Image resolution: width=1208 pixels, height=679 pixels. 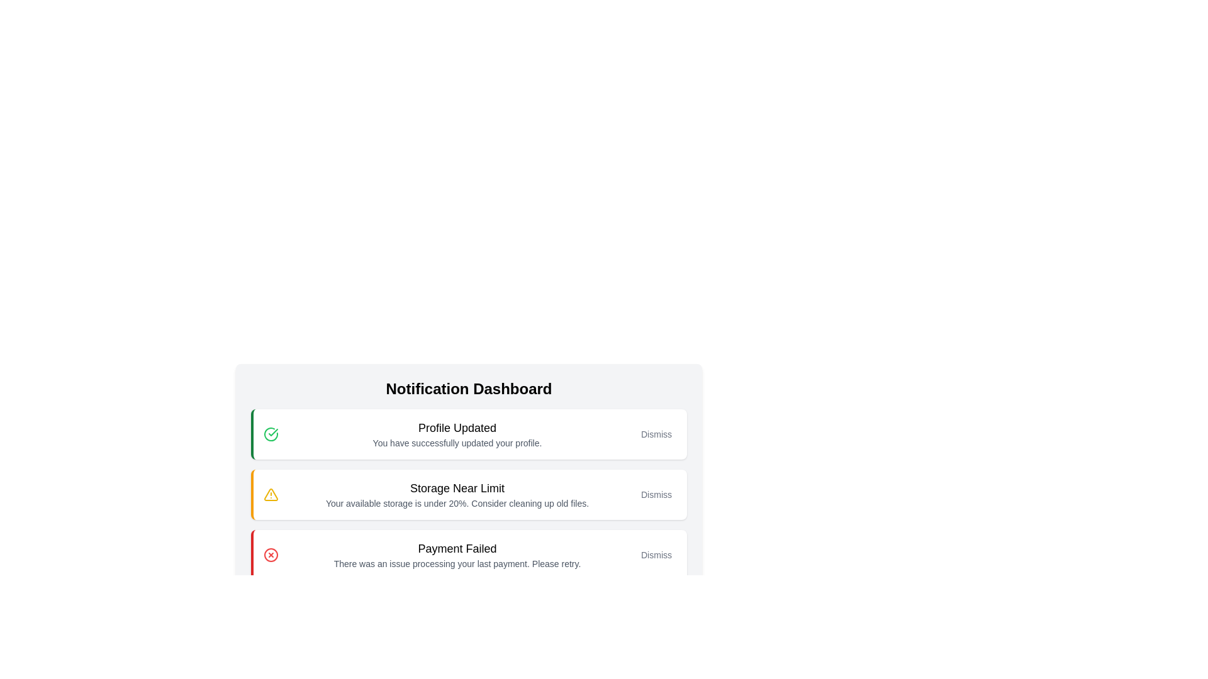 What do you see at coordinates (456, 503) in the screenshot?
I see `text label stating: 'Your available storage is under 20%. Consider cleaning up old files.' located within the notification panel titled 'Storage Near Limit'` at bounding box center [456, 503].